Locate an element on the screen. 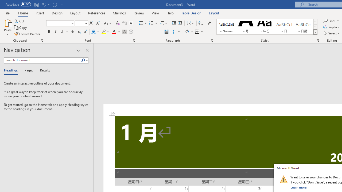  'Show/Hide Editing Marks' is located at coordinates (209, 23).